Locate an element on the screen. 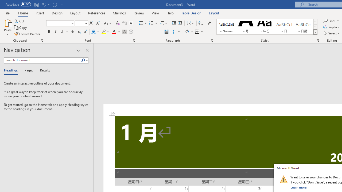  'Show/Hide Editing Marks' is located at coordinates (209, 23).